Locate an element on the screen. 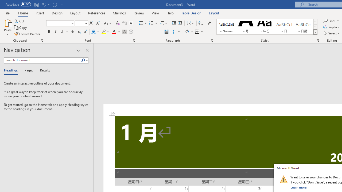  'Show/Hide Editing Marks' is located at coordinates (209, 23).